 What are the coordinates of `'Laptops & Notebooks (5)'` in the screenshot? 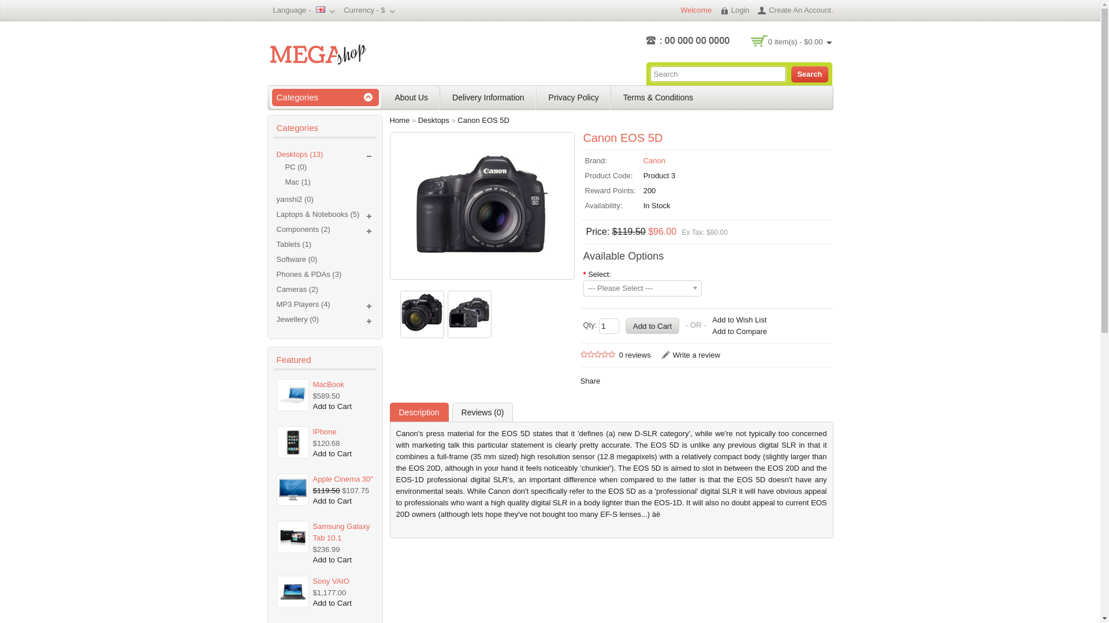 It's located at (318, 214).